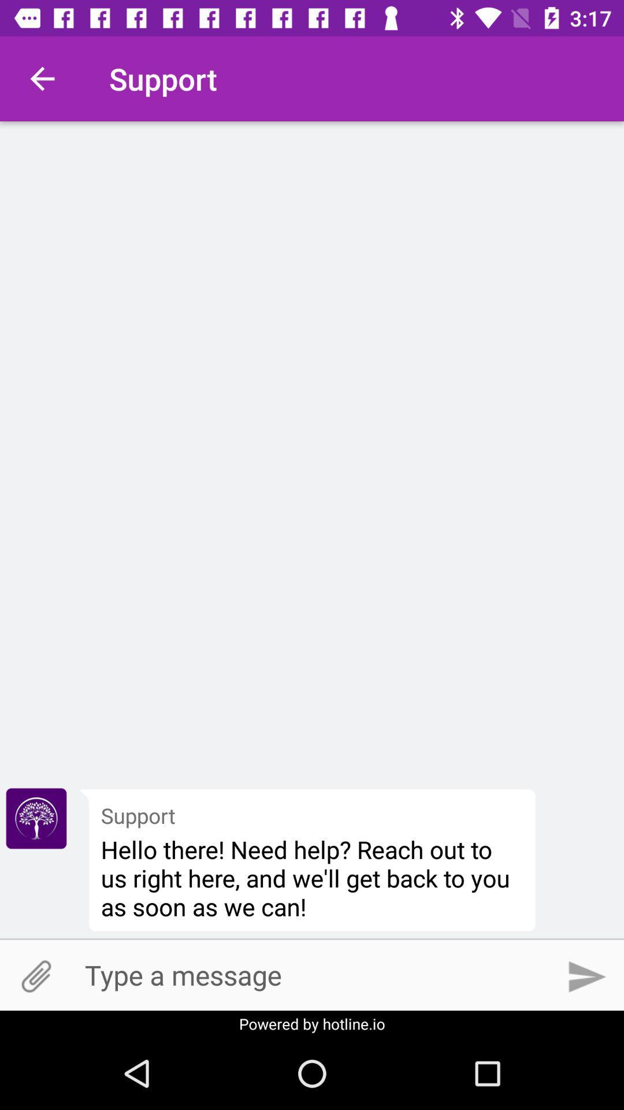 This screenshot has width=624, height=1110. I want to click on the item below the support item, so click(312, 878).